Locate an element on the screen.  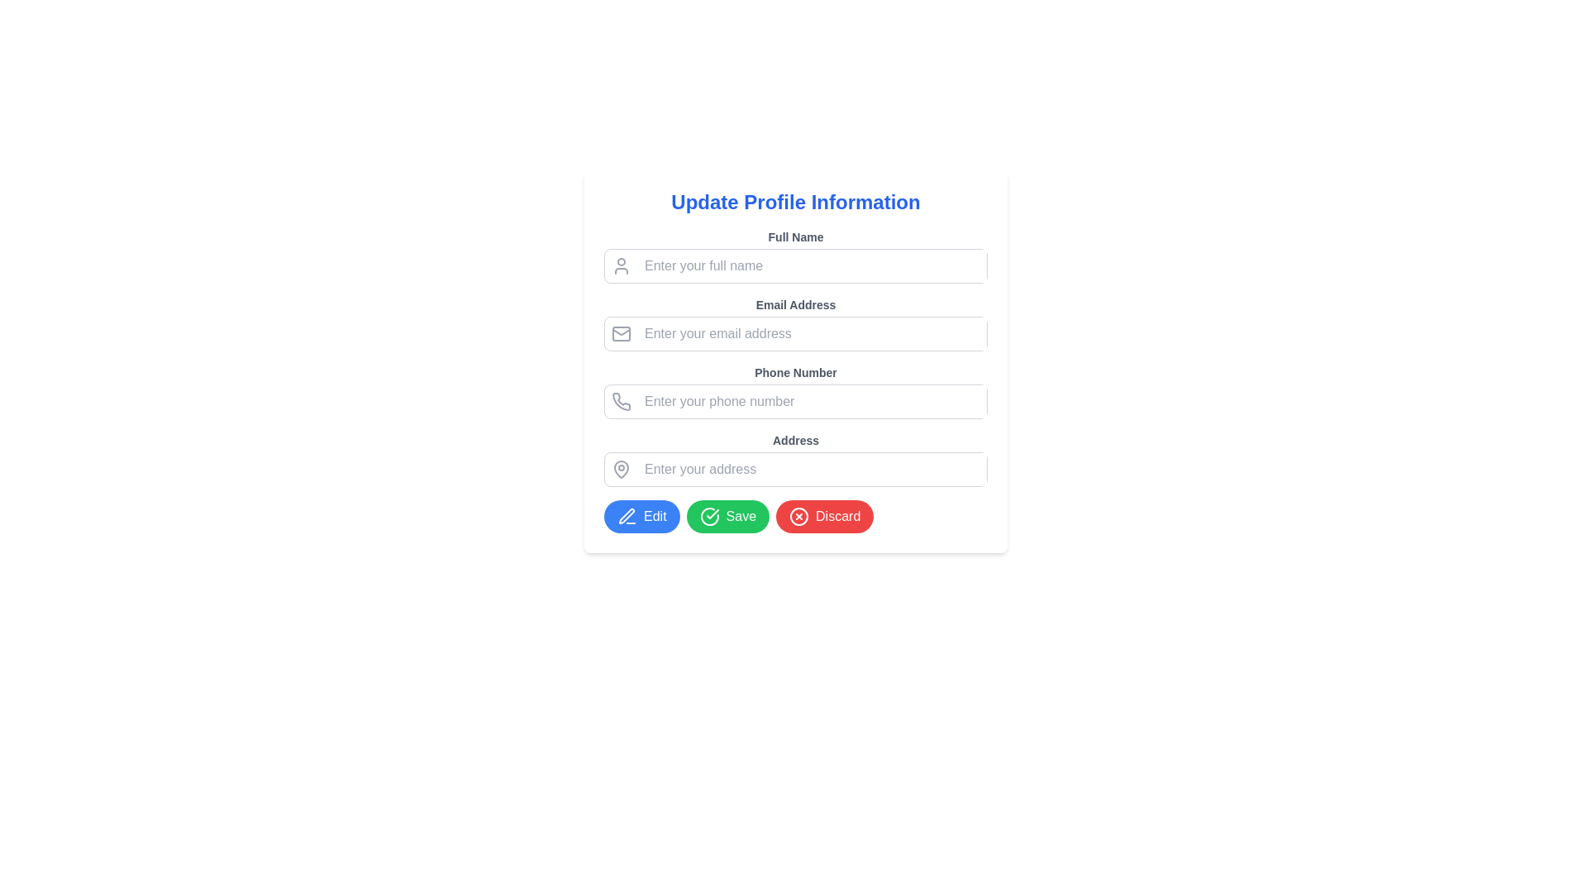
phone icon with a gray outline located to the left of the 'Enter your phone number' input field in the 'Phone Number' section of the form is located at coordinates (621, 402).